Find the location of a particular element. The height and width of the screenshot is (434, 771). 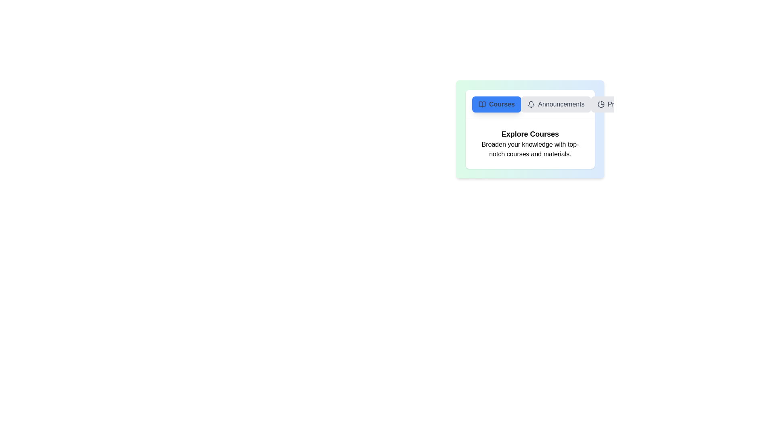

the navigation menu bar at the center point is located at coordinates (530, 104).